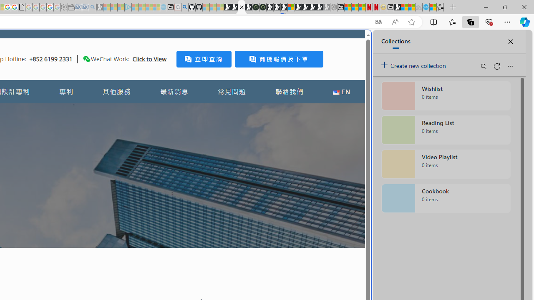 The height and width of the screenshot is (300, 534). What do you see at coordinates (426, 7) in the screenshot?
I see `'Services - Maintenance | Sky Blue Bikes - Sky Blue Bikes'` at bounding box center [426, 7].